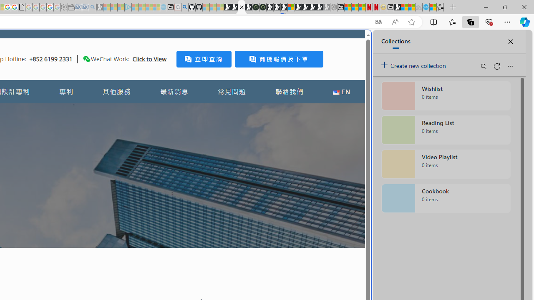 The height and width of the screenshot is (300, 534). What do you see at coordinates (426, 7) in the screenshot?
I see `'Services - Maintenance | Sky Blue Bikes - Sky Blue Bikes'` at bounding box center [426, 7].